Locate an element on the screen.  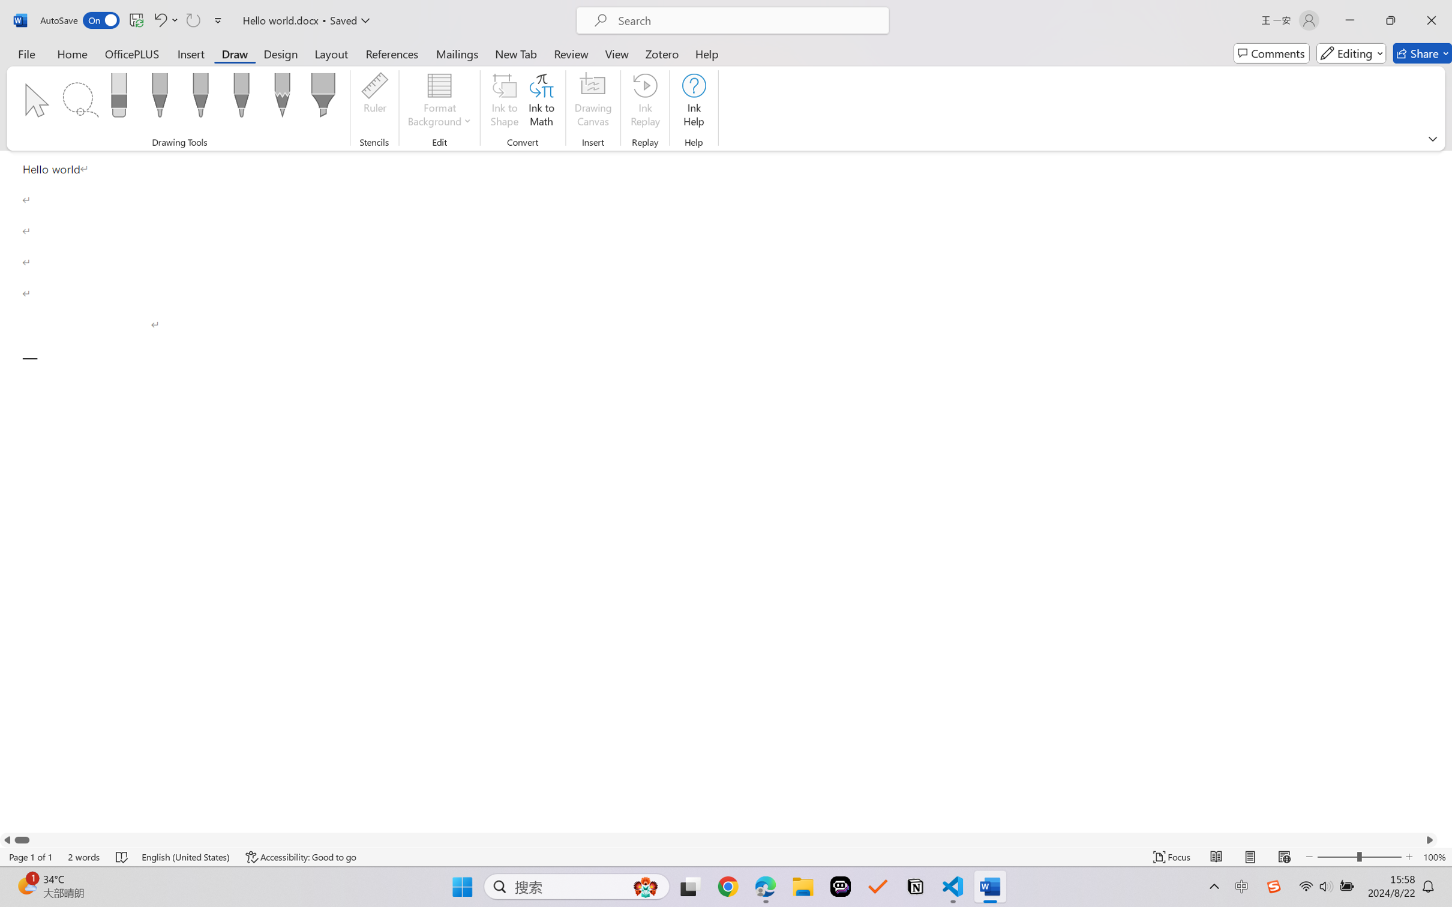
'Pen: Black, 0.5 mm' is located at coordinates (159, 98).